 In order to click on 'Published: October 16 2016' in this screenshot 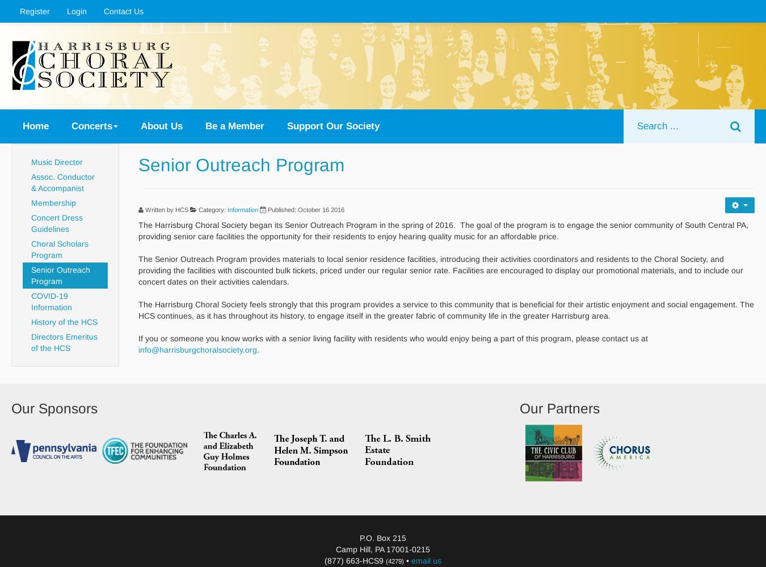, I will do `click(305, 209)`.